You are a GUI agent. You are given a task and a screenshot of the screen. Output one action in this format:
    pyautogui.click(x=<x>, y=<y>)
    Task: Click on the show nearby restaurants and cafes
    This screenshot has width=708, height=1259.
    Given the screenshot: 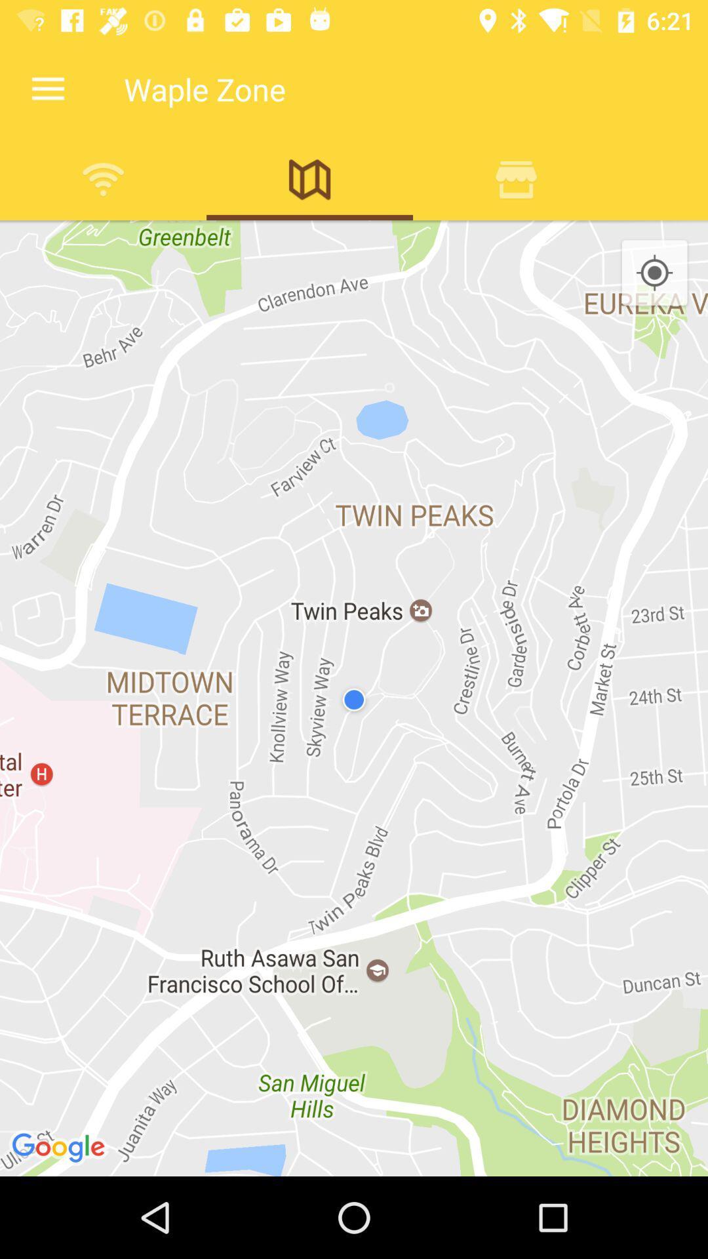 What is the action you would take?
    pyautogui.click(x=515, y=178)
    